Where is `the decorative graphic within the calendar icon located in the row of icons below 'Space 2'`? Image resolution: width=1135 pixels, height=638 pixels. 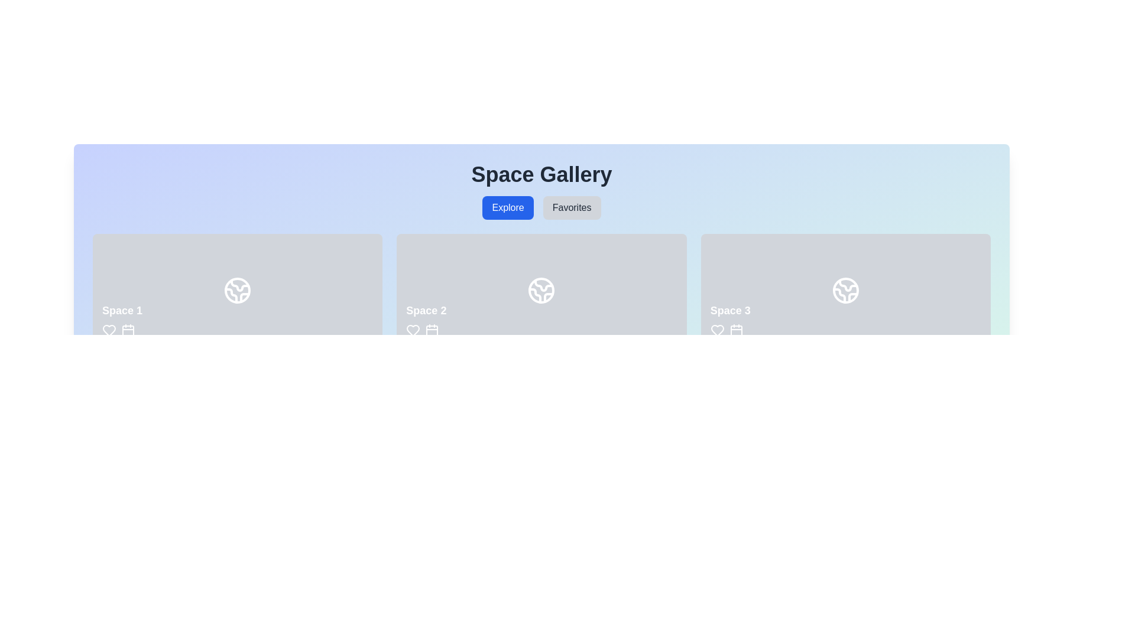
the decorative graphic within the calendar icon located in the row of icons below 'Space 2' is located at coordinates (432, 331).